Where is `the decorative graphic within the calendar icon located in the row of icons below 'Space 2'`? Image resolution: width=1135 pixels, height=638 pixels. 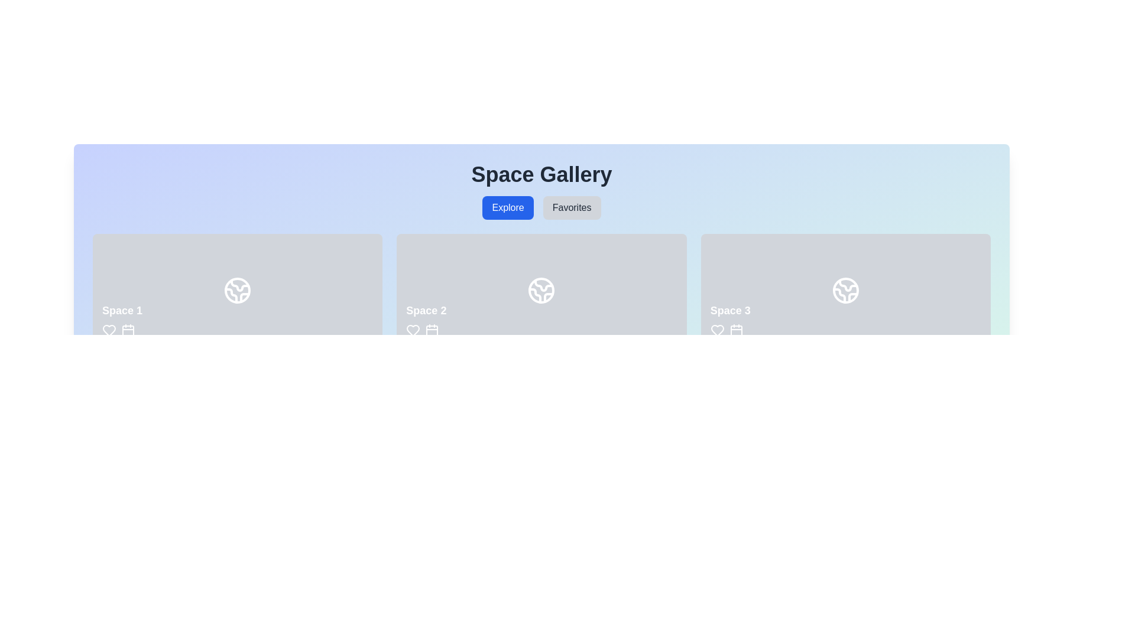
the decorative graphic within the calendar icon located in the row of icons below 'Space 2' is located at coordinates (432, 331).